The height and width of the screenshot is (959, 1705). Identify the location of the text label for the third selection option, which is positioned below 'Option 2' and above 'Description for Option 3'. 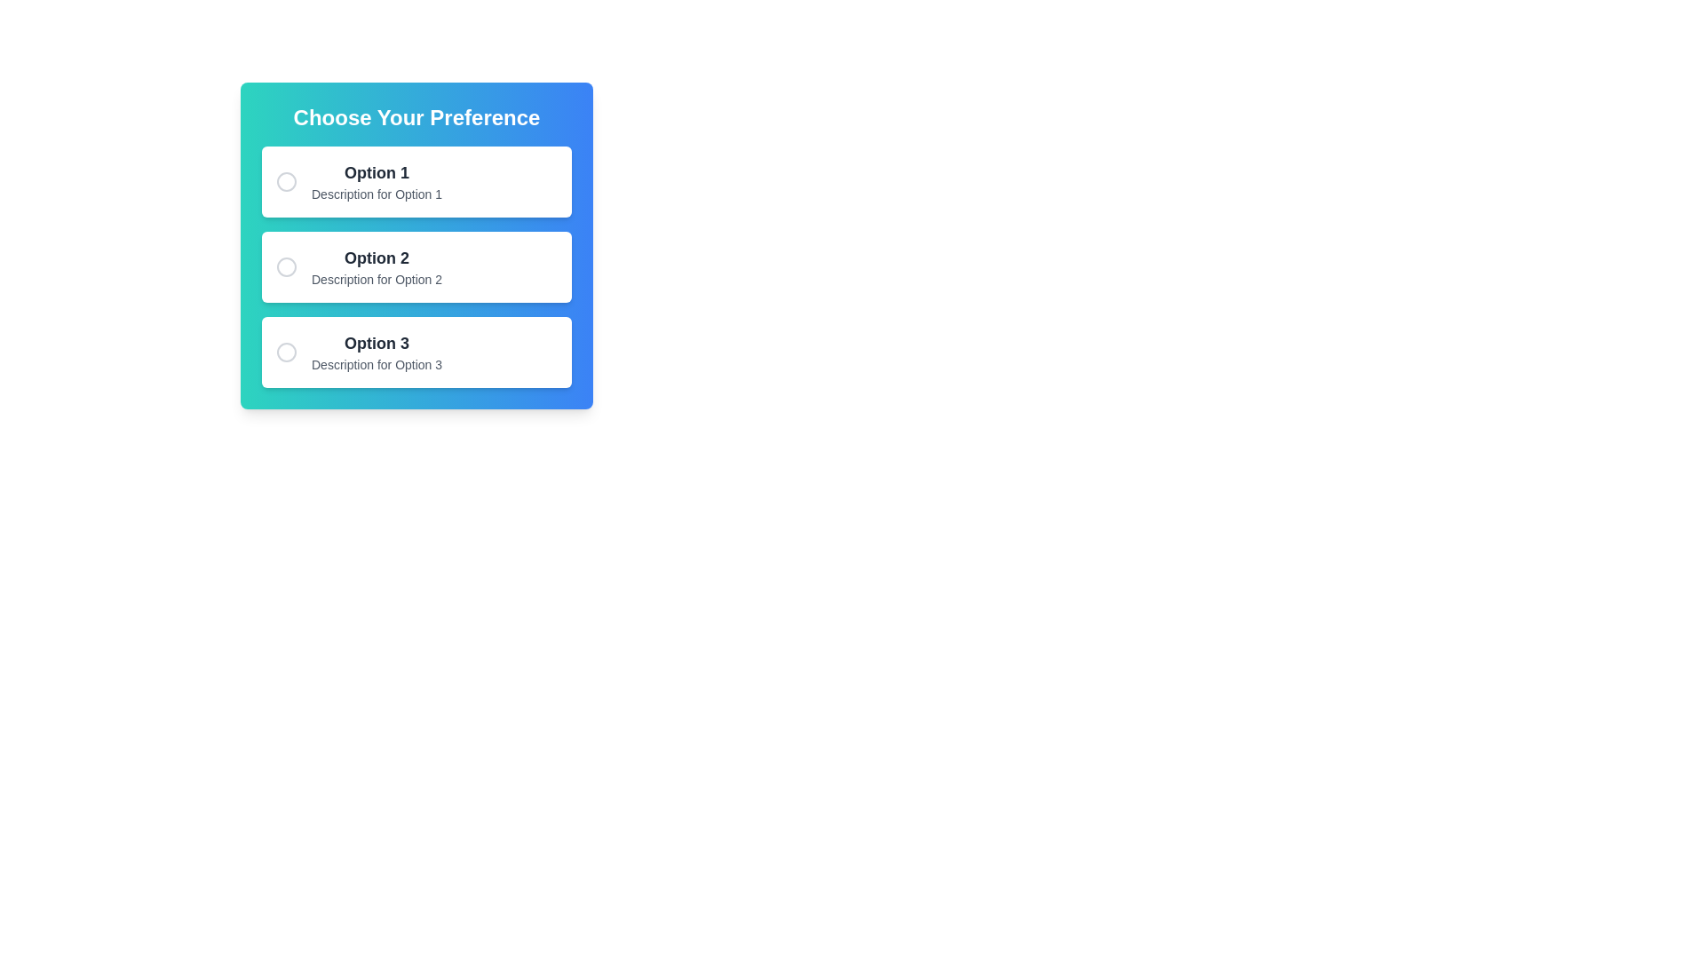
(376, 343).